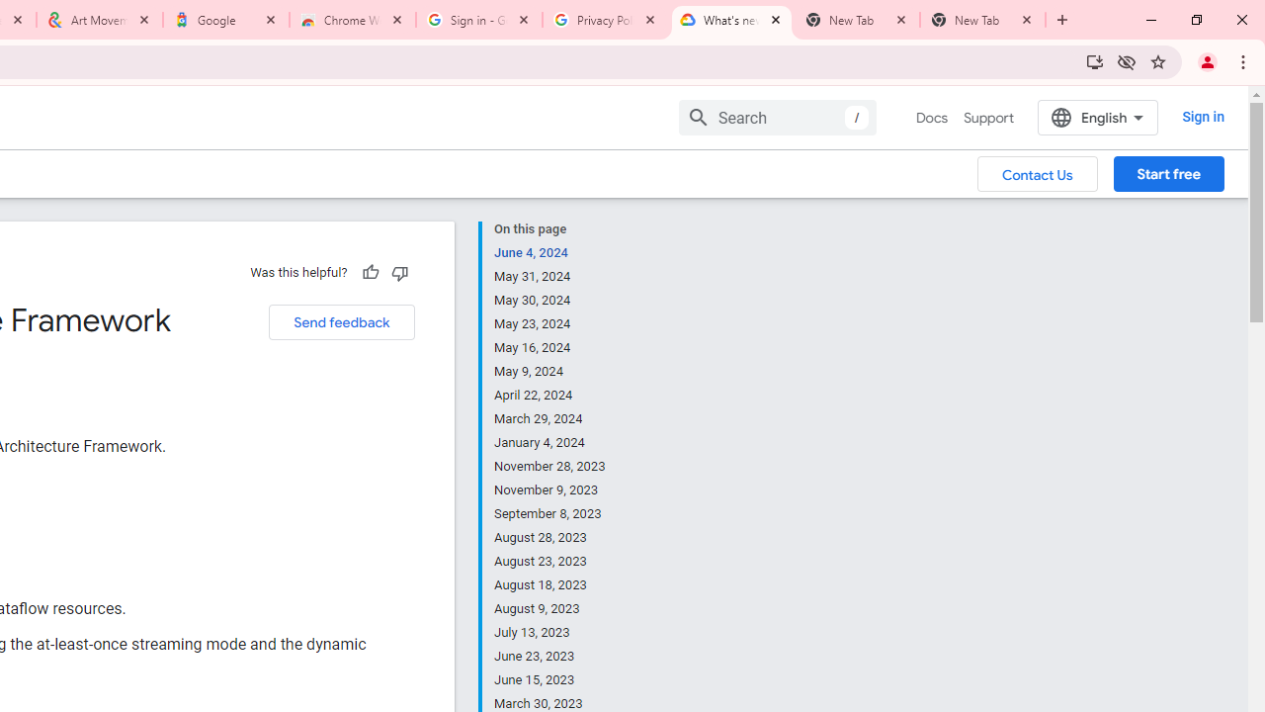 The width and height of the screenshot is (1265, 712). I want to click on 'September 8, 2023', so click(550, 513).